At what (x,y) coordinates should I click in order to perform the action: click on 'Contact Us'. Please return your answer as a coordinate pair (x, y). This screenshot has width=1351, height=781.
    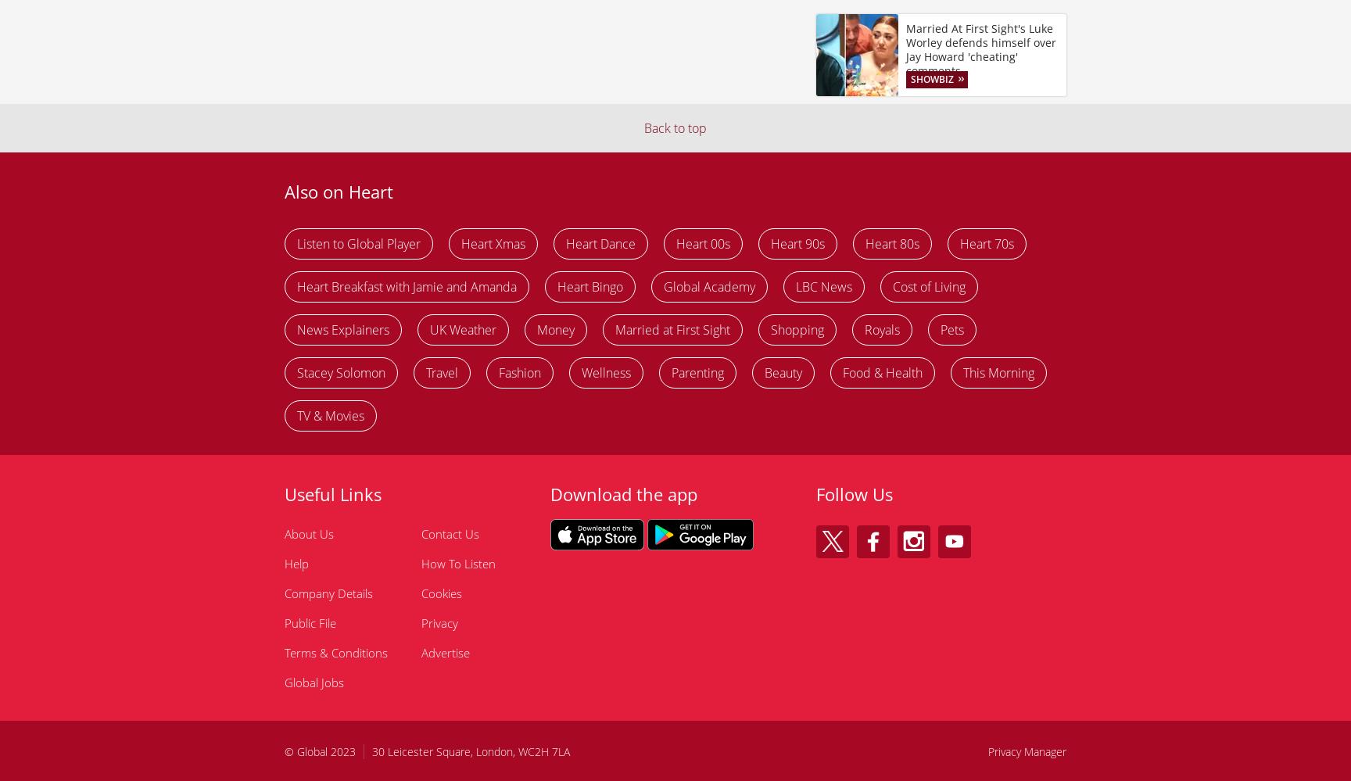
    Looking at the image, I should click on (421, 534).